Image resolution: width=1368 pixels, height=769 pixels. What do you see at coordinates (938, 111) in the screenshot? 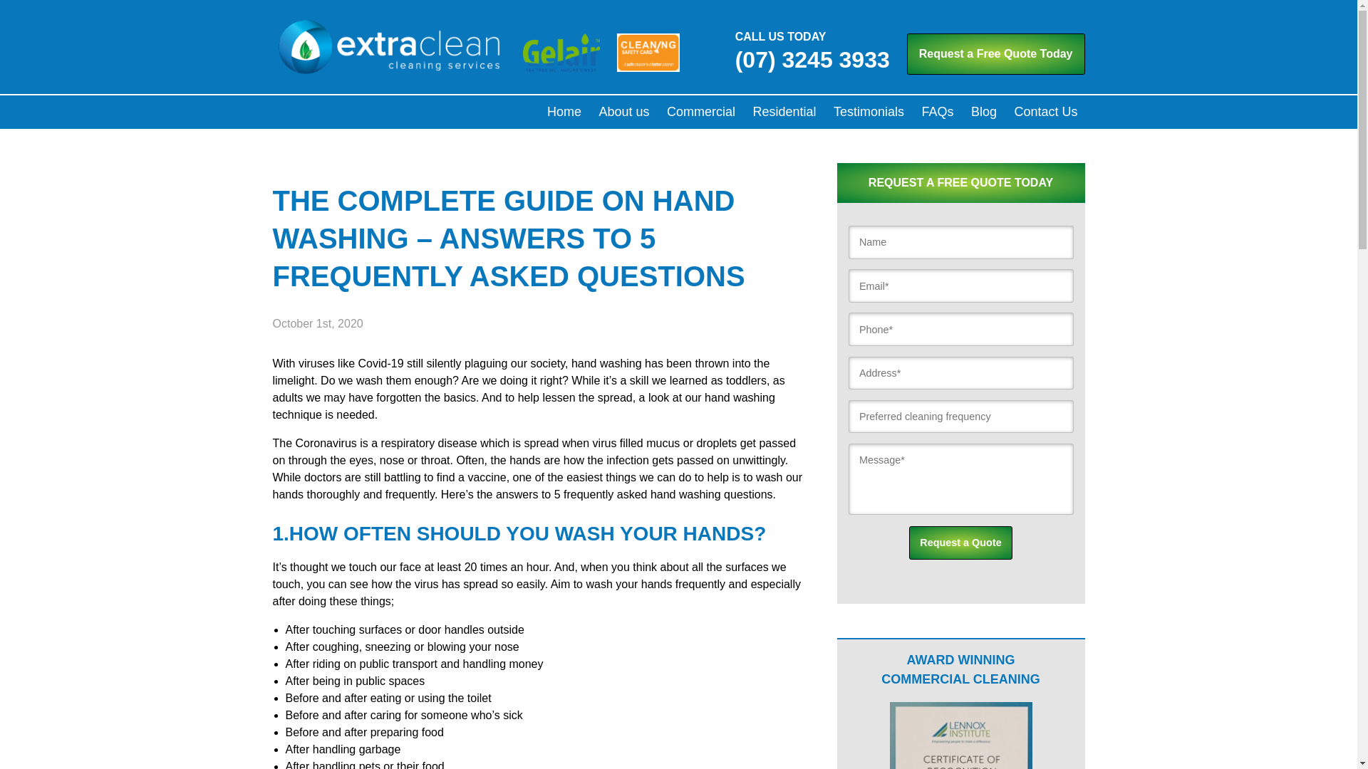
I see `'FAQs'` at bounding box center [938, 111].